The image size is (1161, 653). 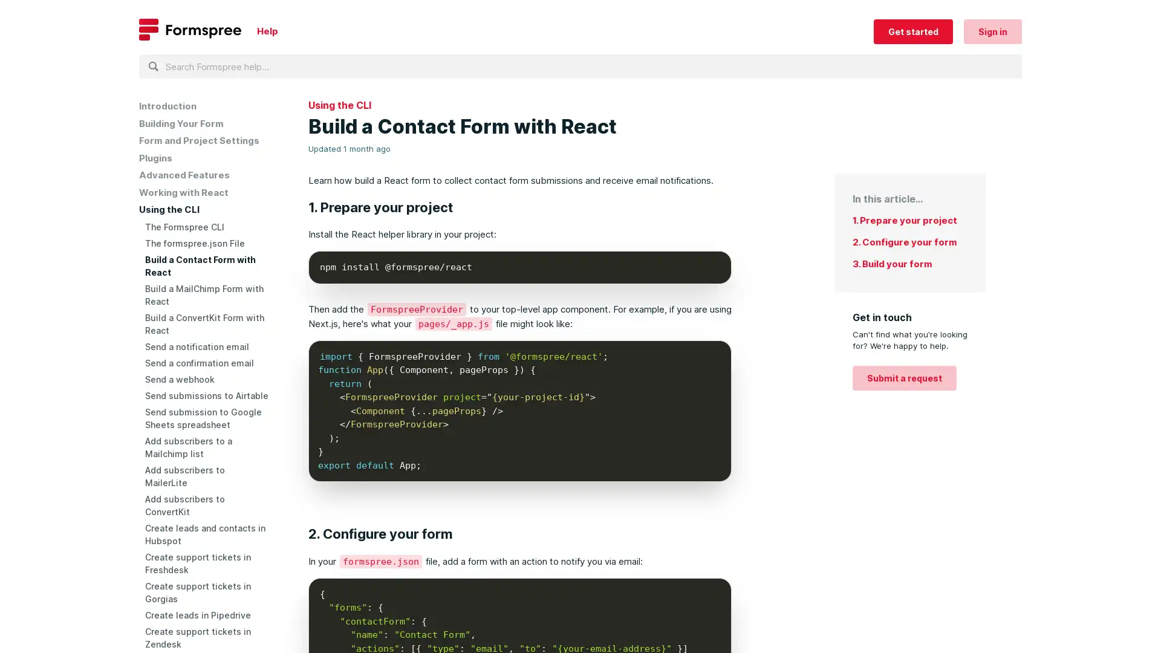 What do you see at coordinates (717, 260) in the screenshot?
I see `Copy` at bounding box center [717, 260].